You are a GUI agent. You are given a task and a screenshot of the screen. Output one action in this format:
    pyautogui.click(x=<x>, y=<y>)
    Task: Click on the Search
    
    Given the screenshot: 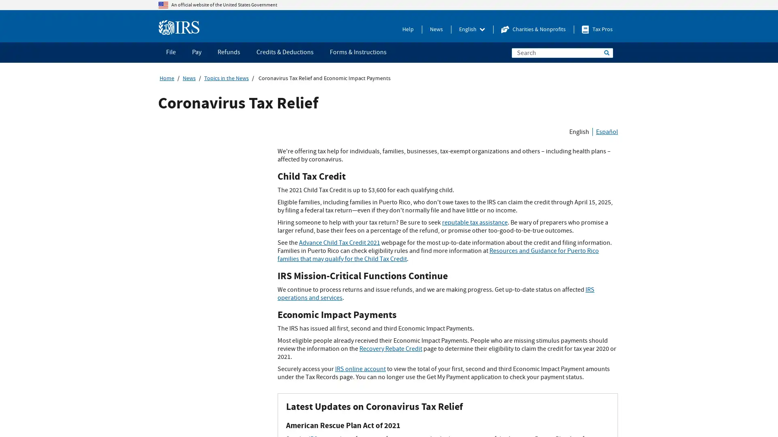 What is the action you would take?
    pyautogui.click(x=607, y=53)
    